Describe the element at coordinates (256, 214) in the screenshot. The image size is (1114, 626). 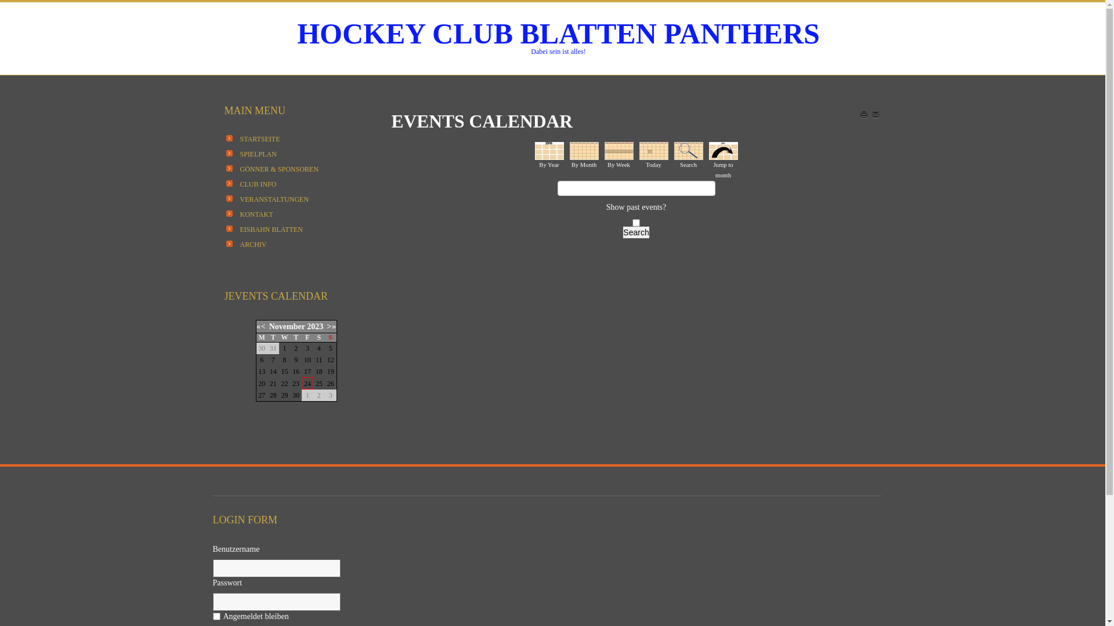
I see `'KONTAKT'` at that location.